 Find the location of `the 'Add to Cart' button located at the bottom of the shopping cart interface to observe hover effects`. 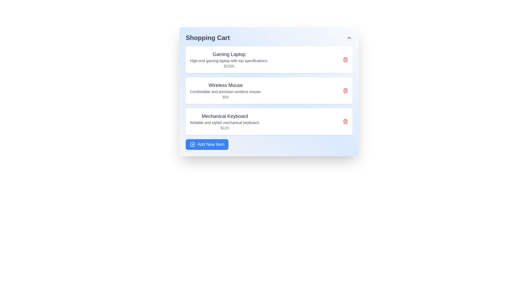

the 'Add to Cart' button located at the bottom of the shopping cart interface to observe hover effects is located at coordinates (207, 145).